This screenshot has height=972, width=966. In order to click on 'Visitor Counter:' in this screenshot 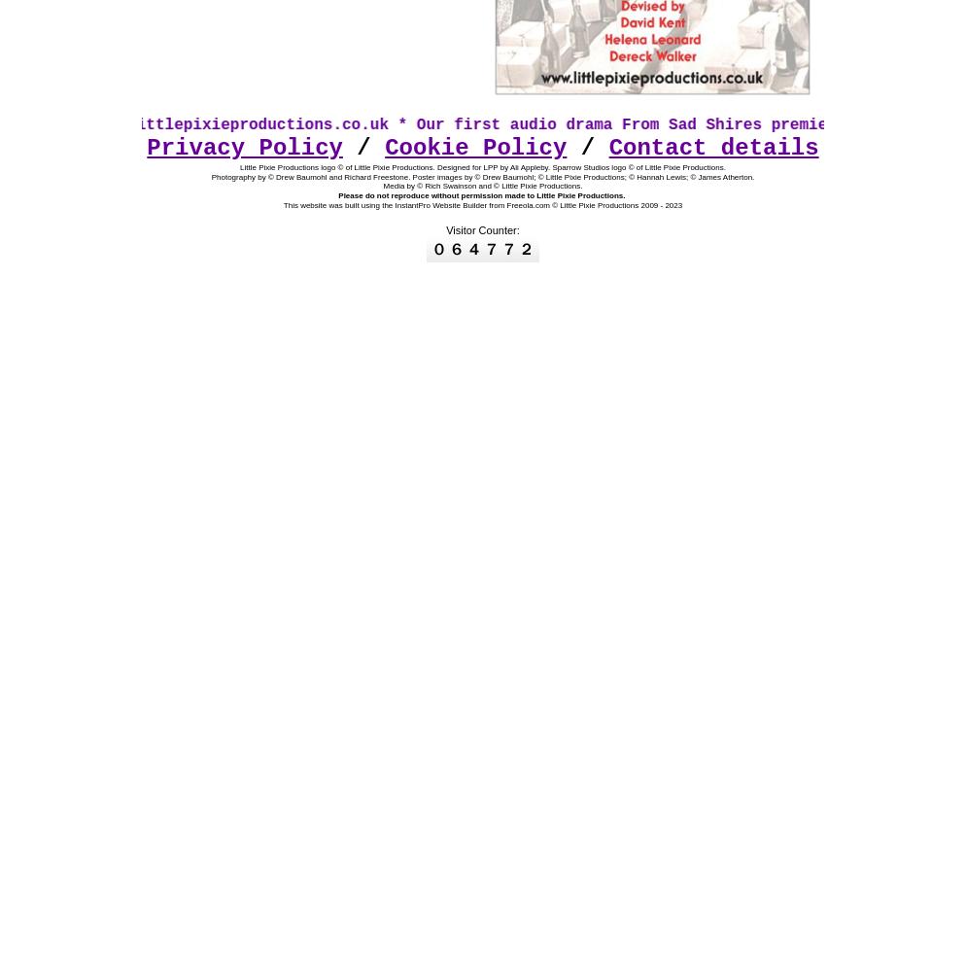, I will do `click(481, 229)`.